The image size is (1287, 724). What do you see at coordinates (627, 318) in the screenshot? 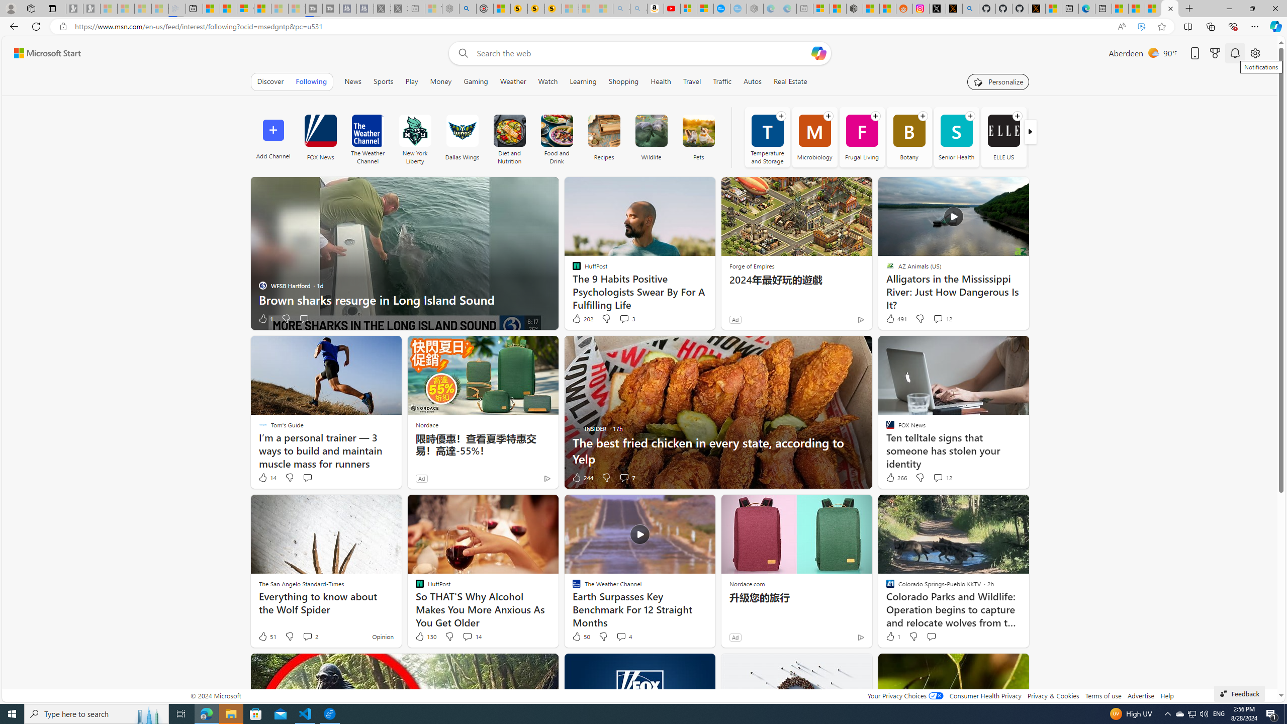
I see `'View comments 3 Comment'` at bounding box center [627, 318].